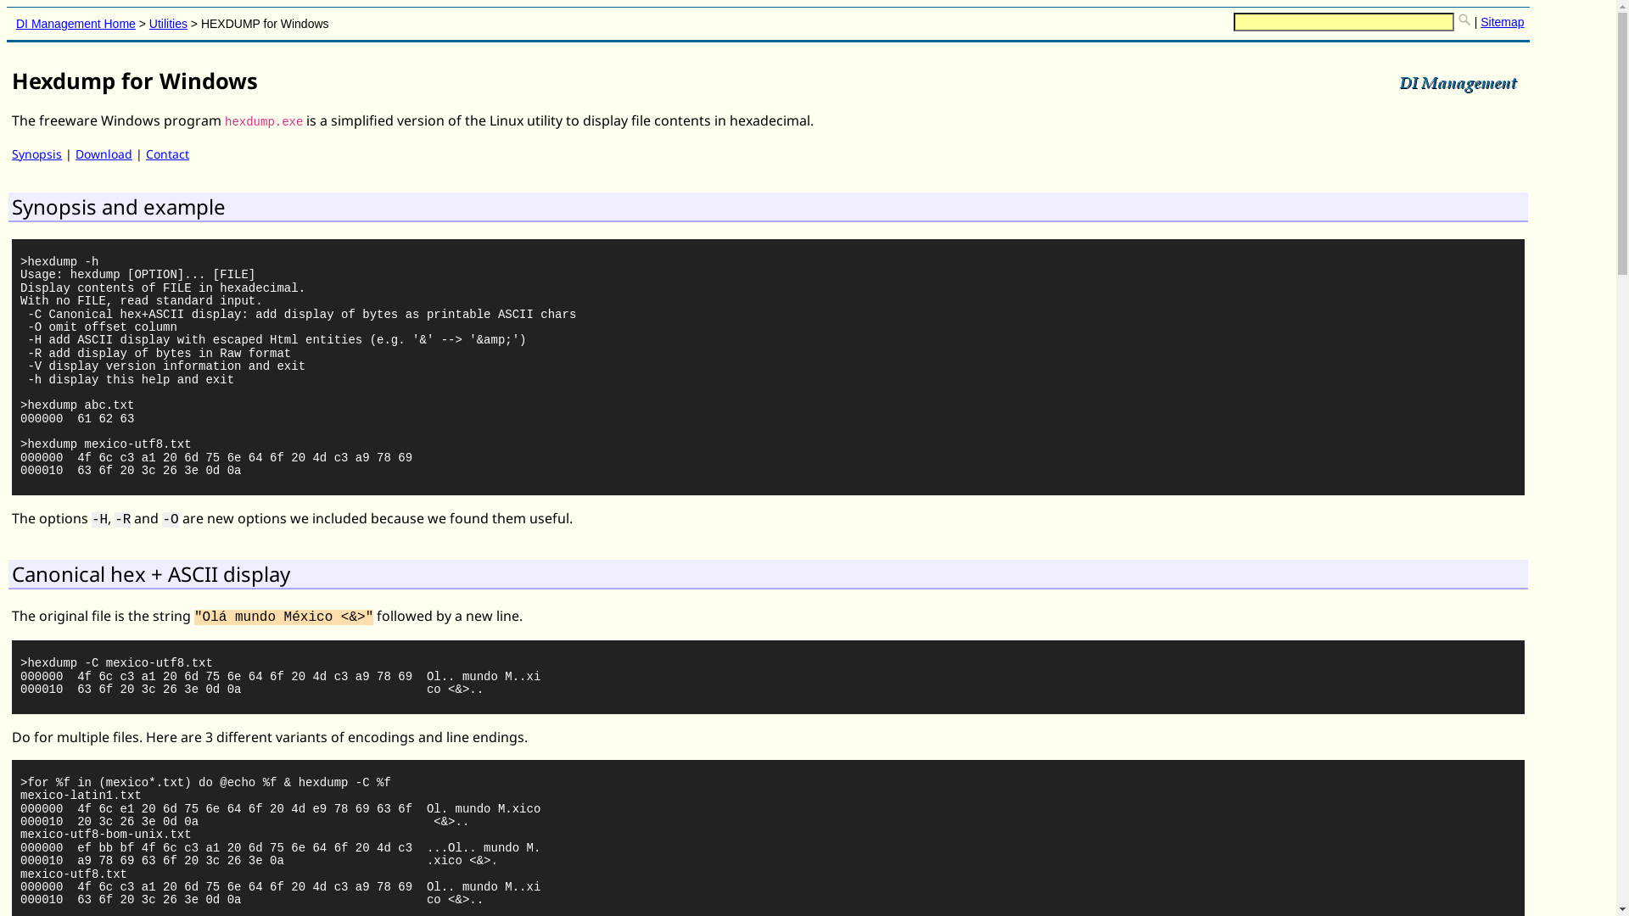 The image size is (1629, 916). I want to click on 'Download', so click(103, 154).